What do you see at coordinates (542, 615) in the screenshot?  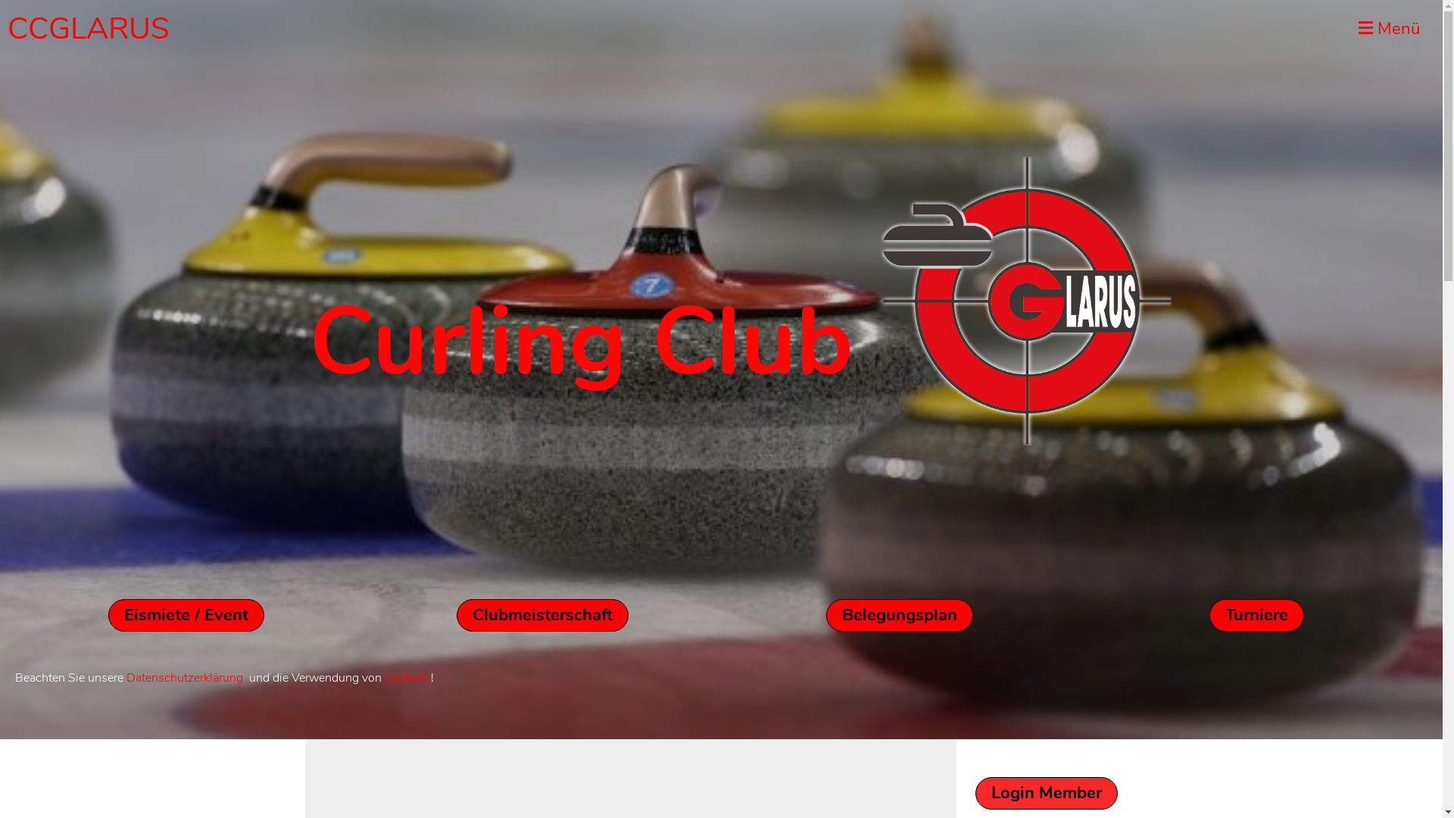 I see `'Clubmeisterschaft'` at bounding box center [542, 615].